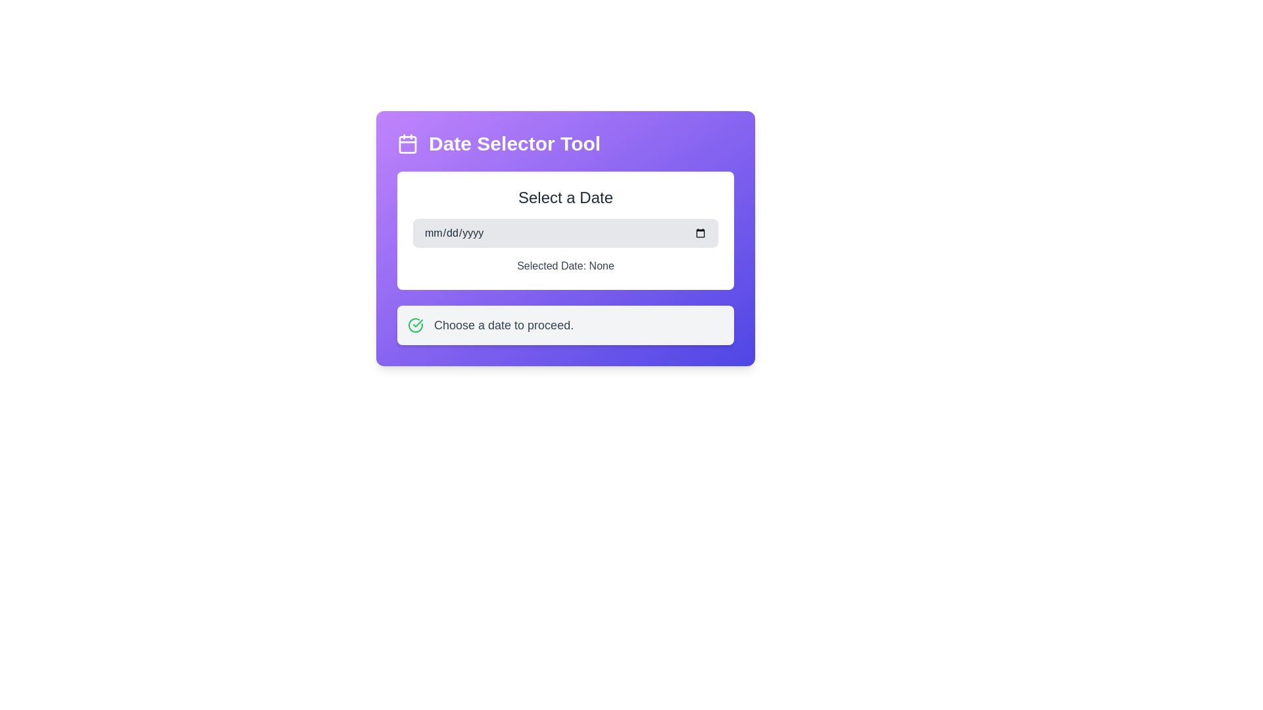 This screenshot has width=1263, height=710. Describe the element at coordinates (565, 246) in the screenshot. I see `the text label displaying 'Selected Date: None', which is located below the date picker input field` at that location.